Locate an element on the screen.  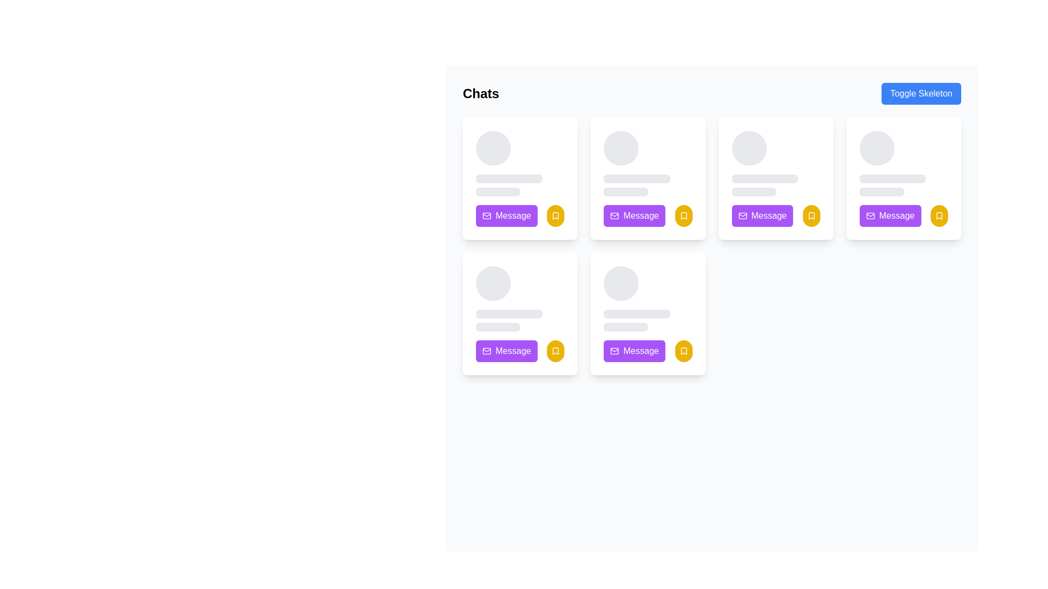
the bold text header labeled 'Chats' located near the top left corner of the interface is located at coordinates (480, 93).